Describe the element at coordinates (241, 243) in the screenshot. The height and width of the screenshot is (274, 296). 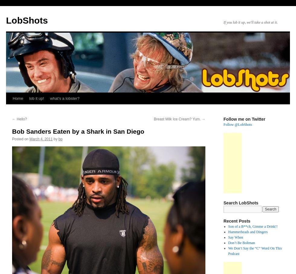
I see `'Don’t Be Boltman'` at that location.